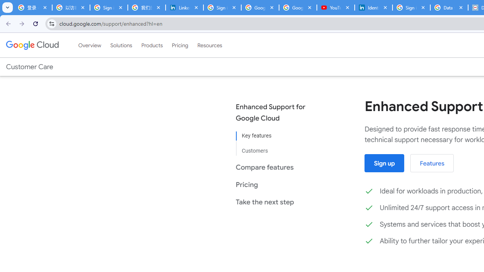  What do you see at coordinates (276, 167) in the screenshot?
I see `'Compare features'` at bounding box center [276, 167].